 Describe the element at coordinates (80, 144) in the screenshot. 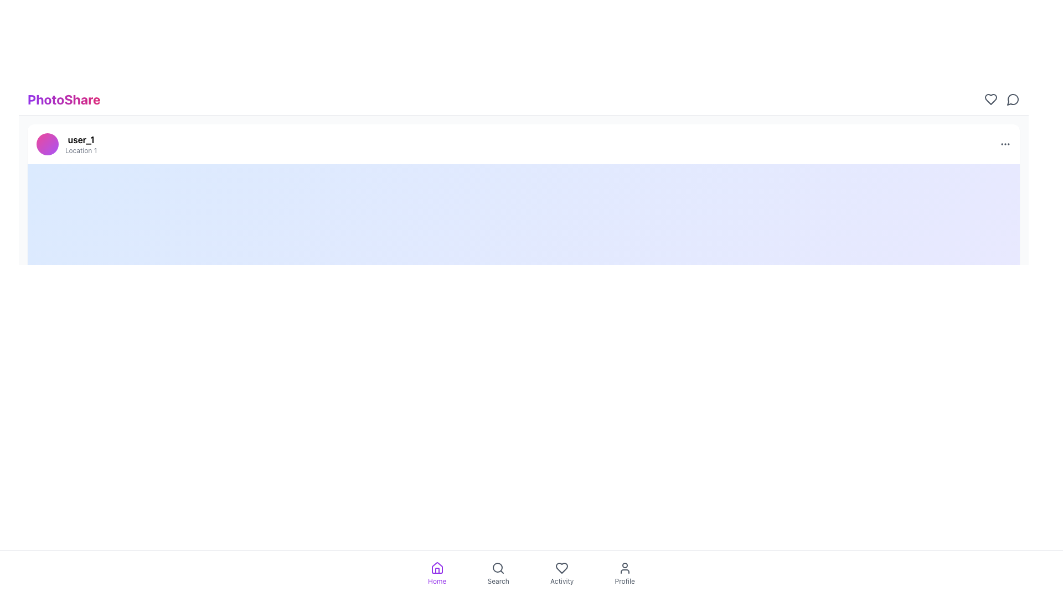

I see `the user header text block that displays a username and location, which is positioned to the right of a circular avatar in a flex layout` at that location.